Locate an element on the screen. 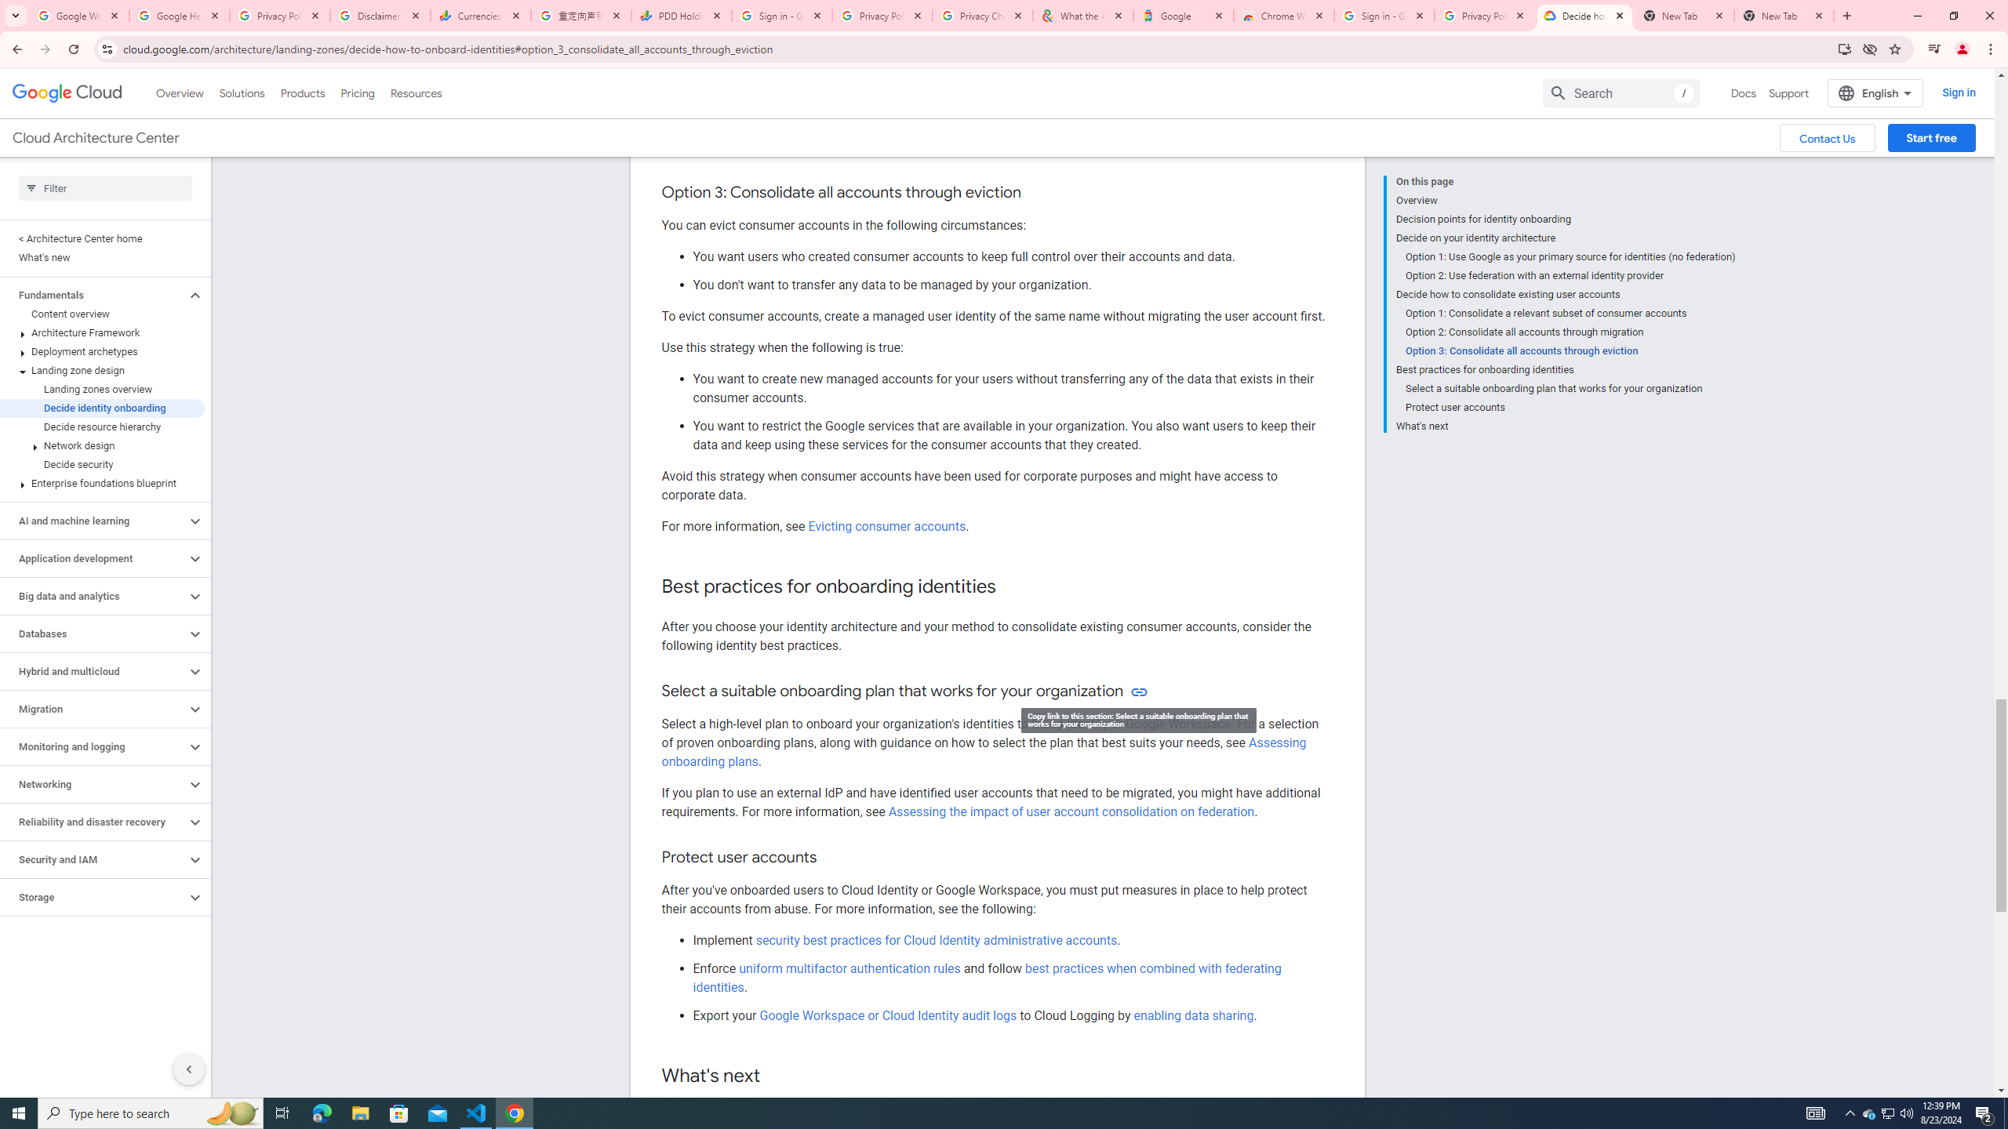 This screenshot has width=2008, height=1129. 'Decide on your identity architecture' is located at coordinates (1564, 237).